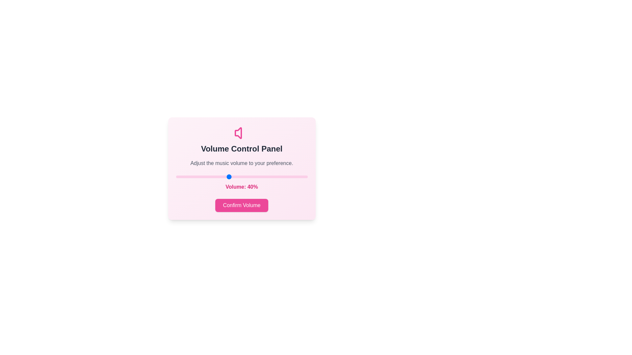  I want to click on the volume to 14 percent by dragging the slider, so click(194, 176).